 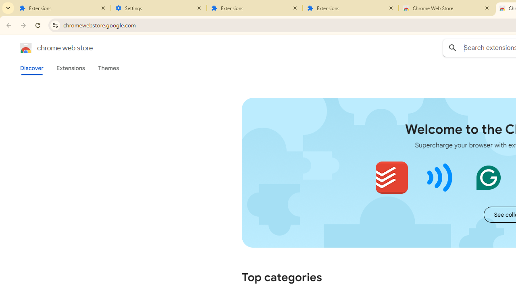 What do you see at coordinates (48, 48) in the screenshot?
I see `'Chrome Web Store logo chrome web store'` at bounding box center [48, 48].